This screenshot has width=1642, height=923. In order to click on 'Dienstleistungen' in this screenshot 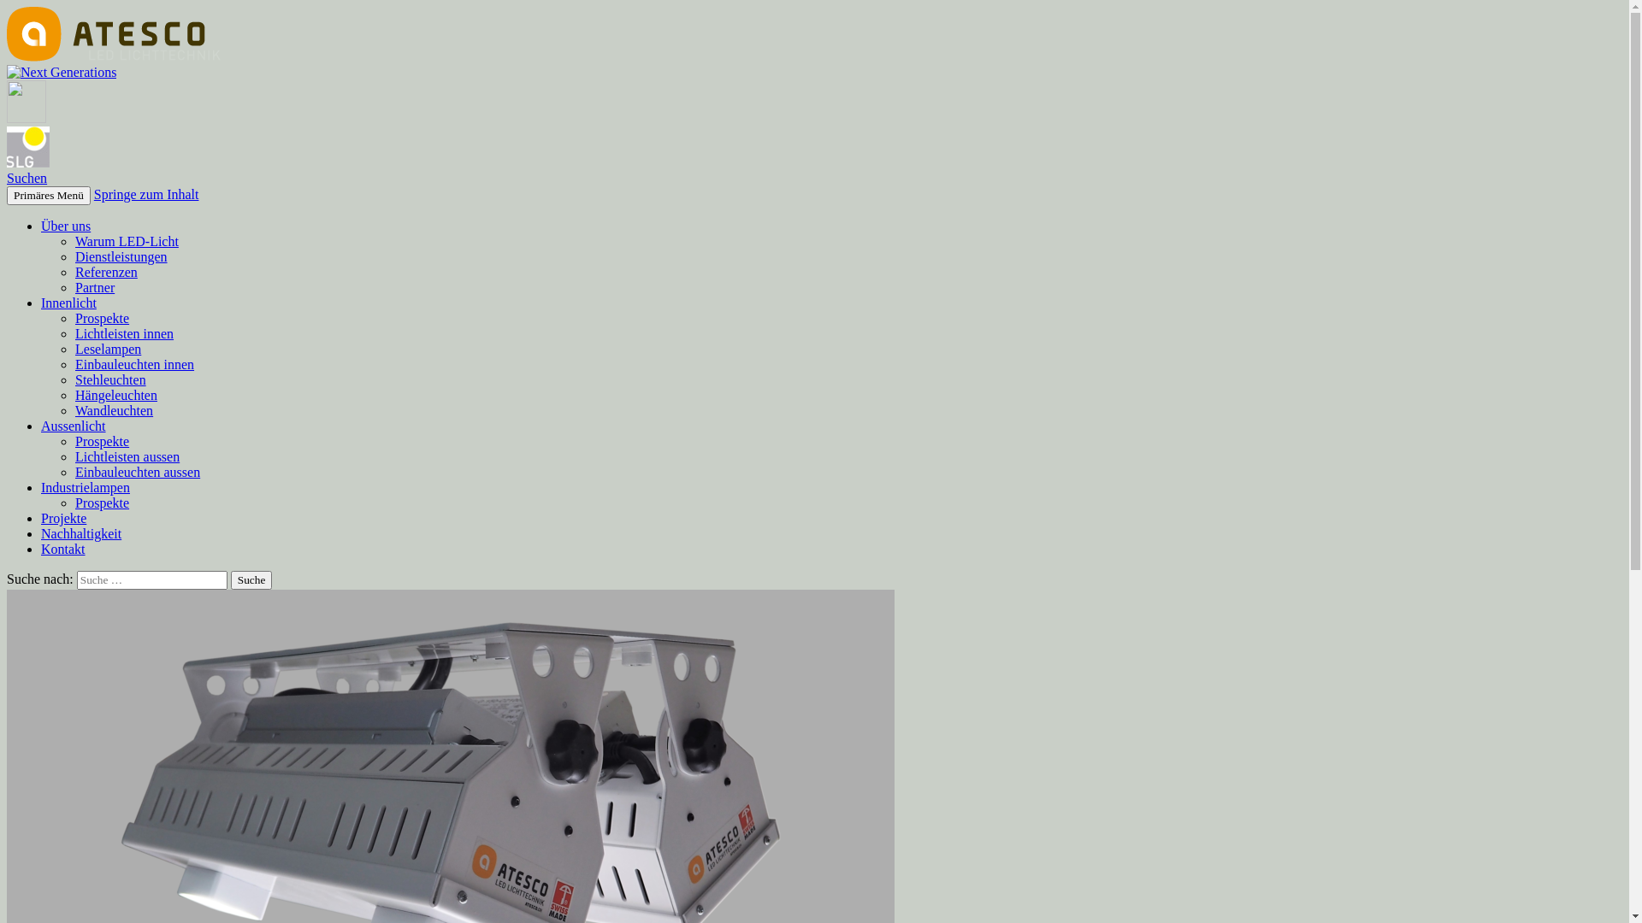, I will do `click(121, 256)`.